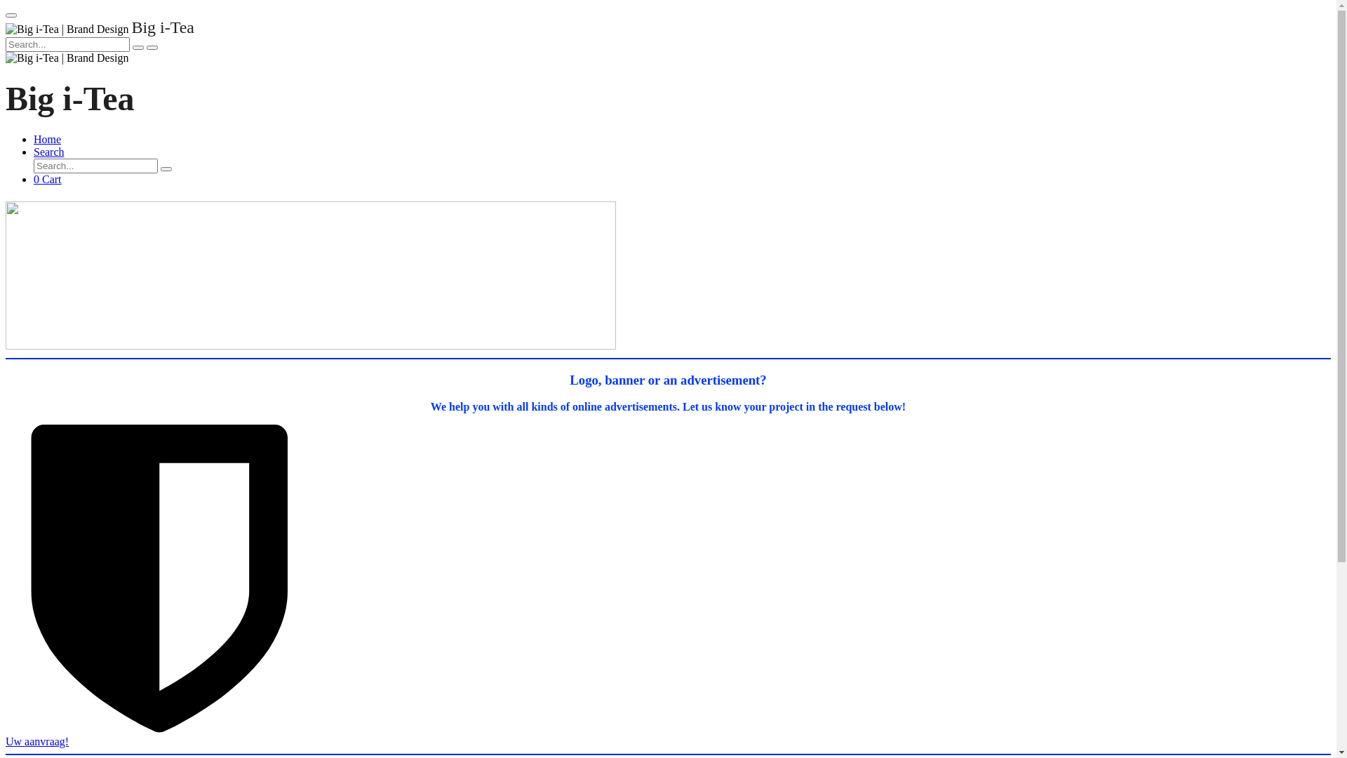 Image resolution: width=1347 pixels, height=758 pixels. I want to click on 'Uw aanvraag!', so click(667, 735).